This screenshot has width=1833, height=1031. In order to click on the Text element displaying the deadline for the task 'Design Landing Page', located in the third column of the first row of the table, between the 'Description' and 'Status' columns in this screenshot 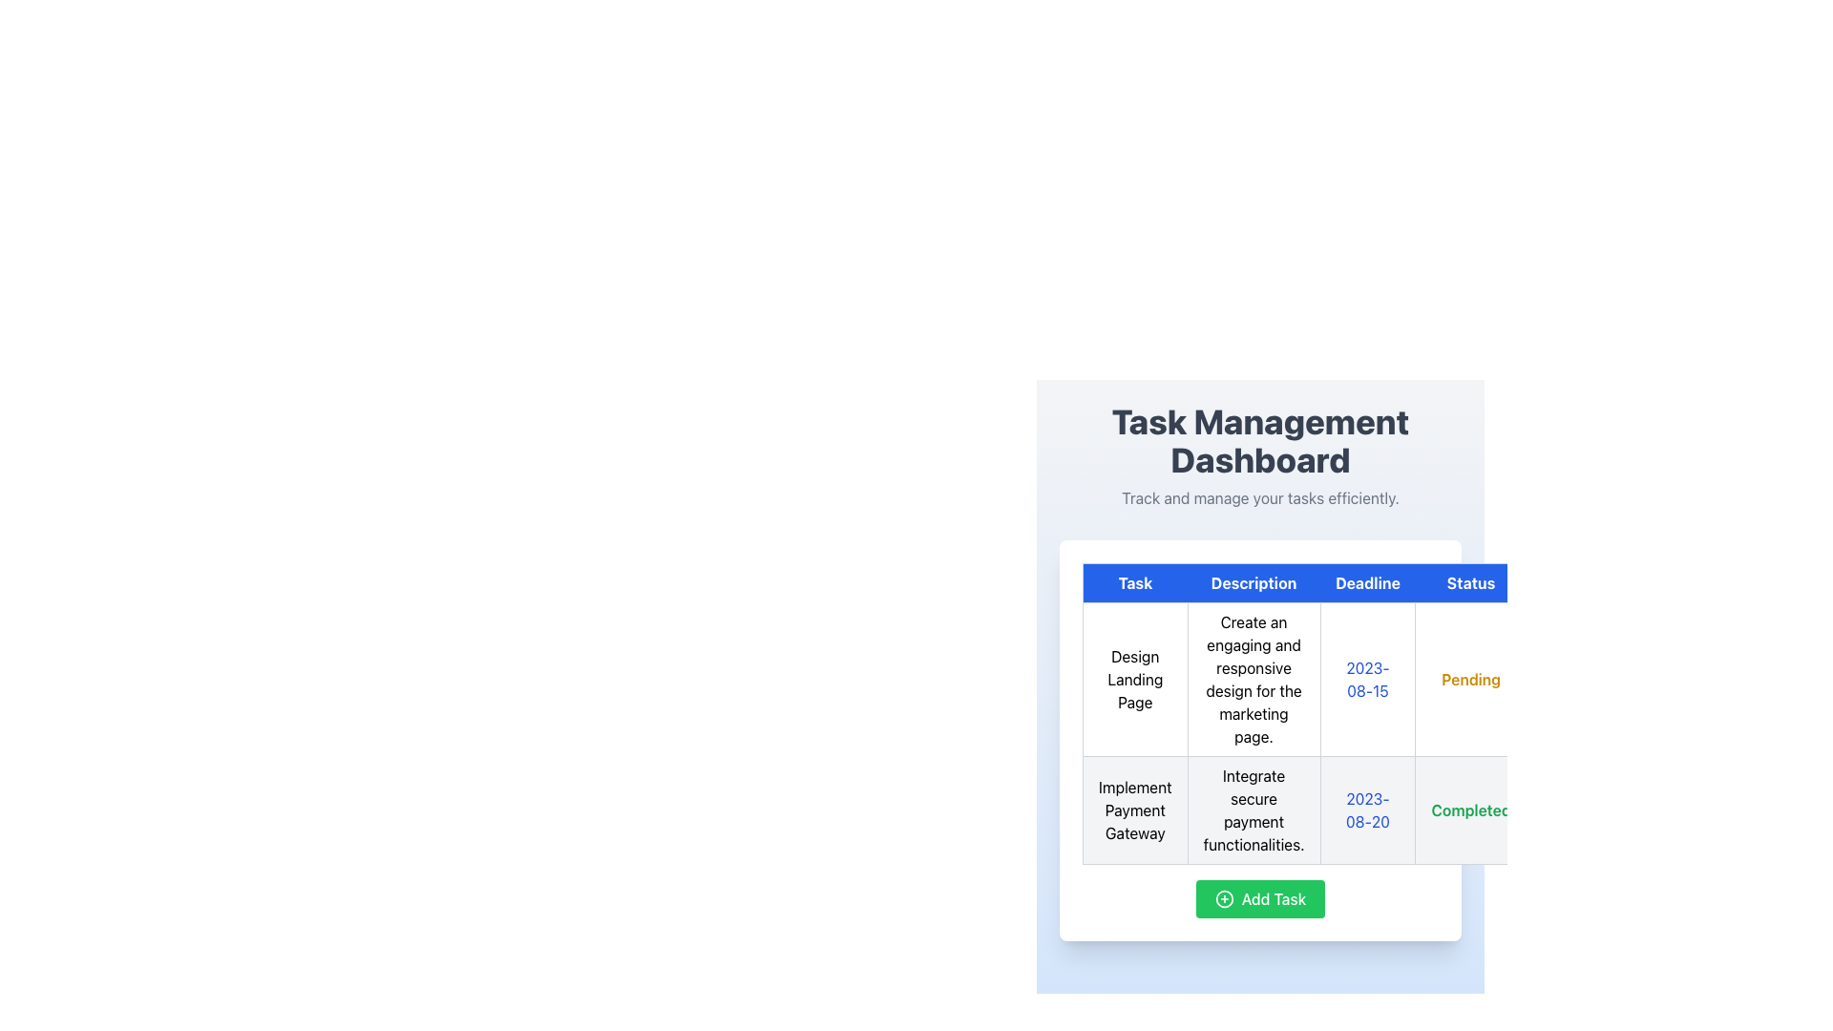, I will do `click(1347, 679)`.